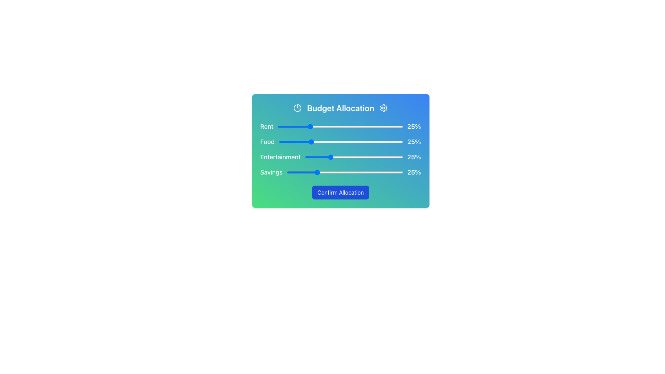  What do you see at coordinates (299, 141) in the screenshot?
I see `the slider` at bounding box center [299, 141].